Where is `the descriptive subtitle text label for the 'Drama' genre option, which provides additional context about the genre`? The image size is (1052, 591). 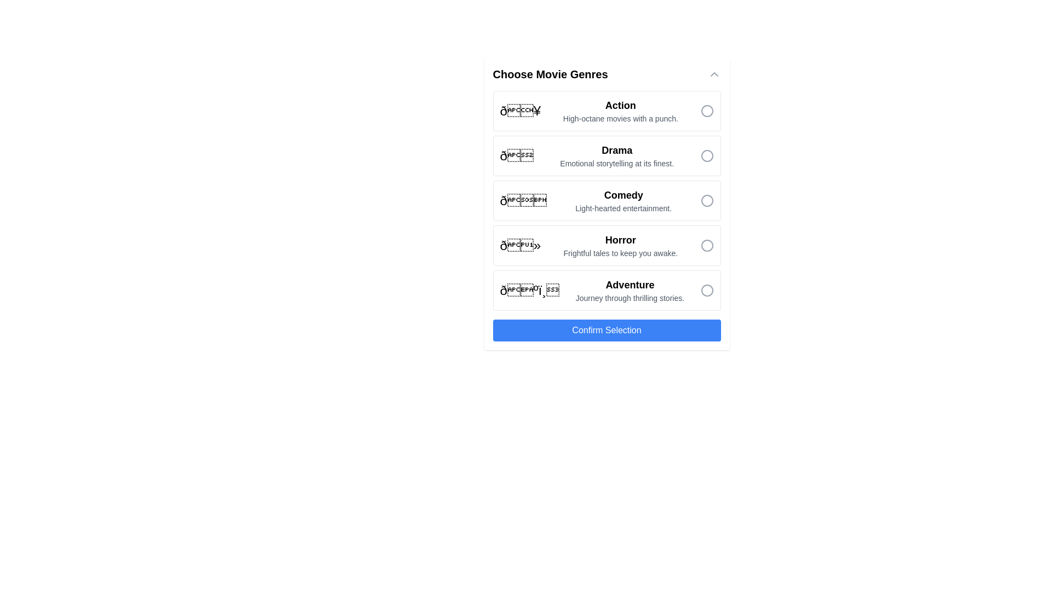 the descriptive subtitle text label for the 'Drama' genre option, which provides additional context about the genre is located at coordinates (617, 164).